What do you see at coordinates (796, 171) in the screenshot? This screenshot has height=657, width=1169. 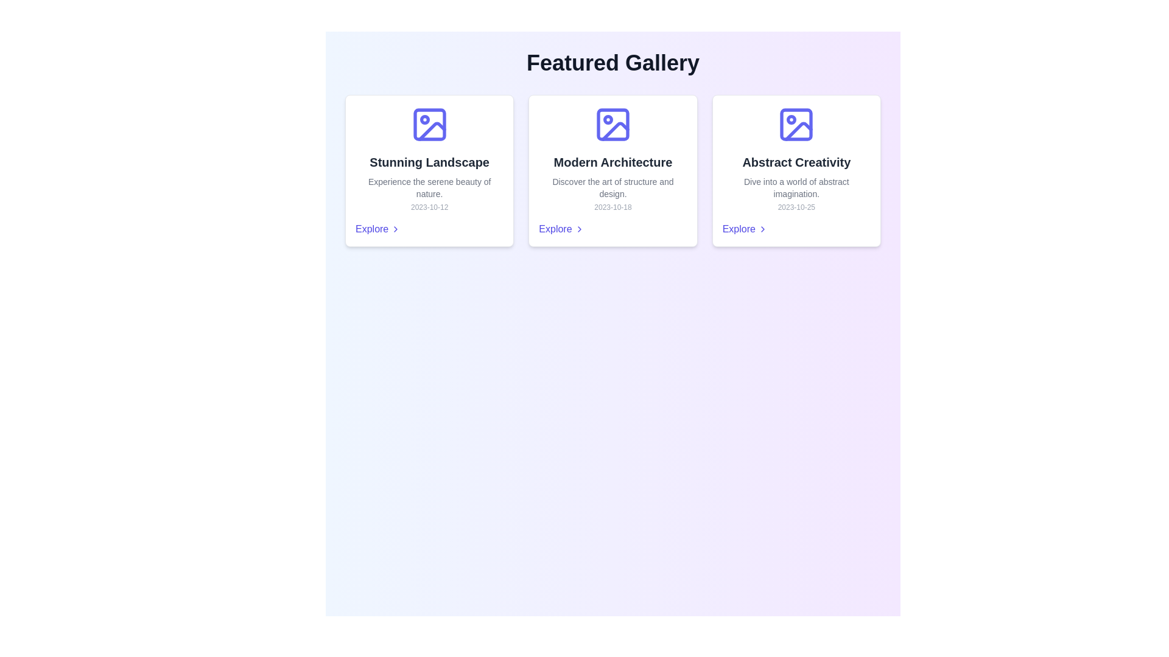 I see `the 'Abstract Creativity' Information Card located in the 'Featured Gallery' section, which is the third card in a row, providing a preview of content and an 'Explore' link` at bounding box center [796, 171].